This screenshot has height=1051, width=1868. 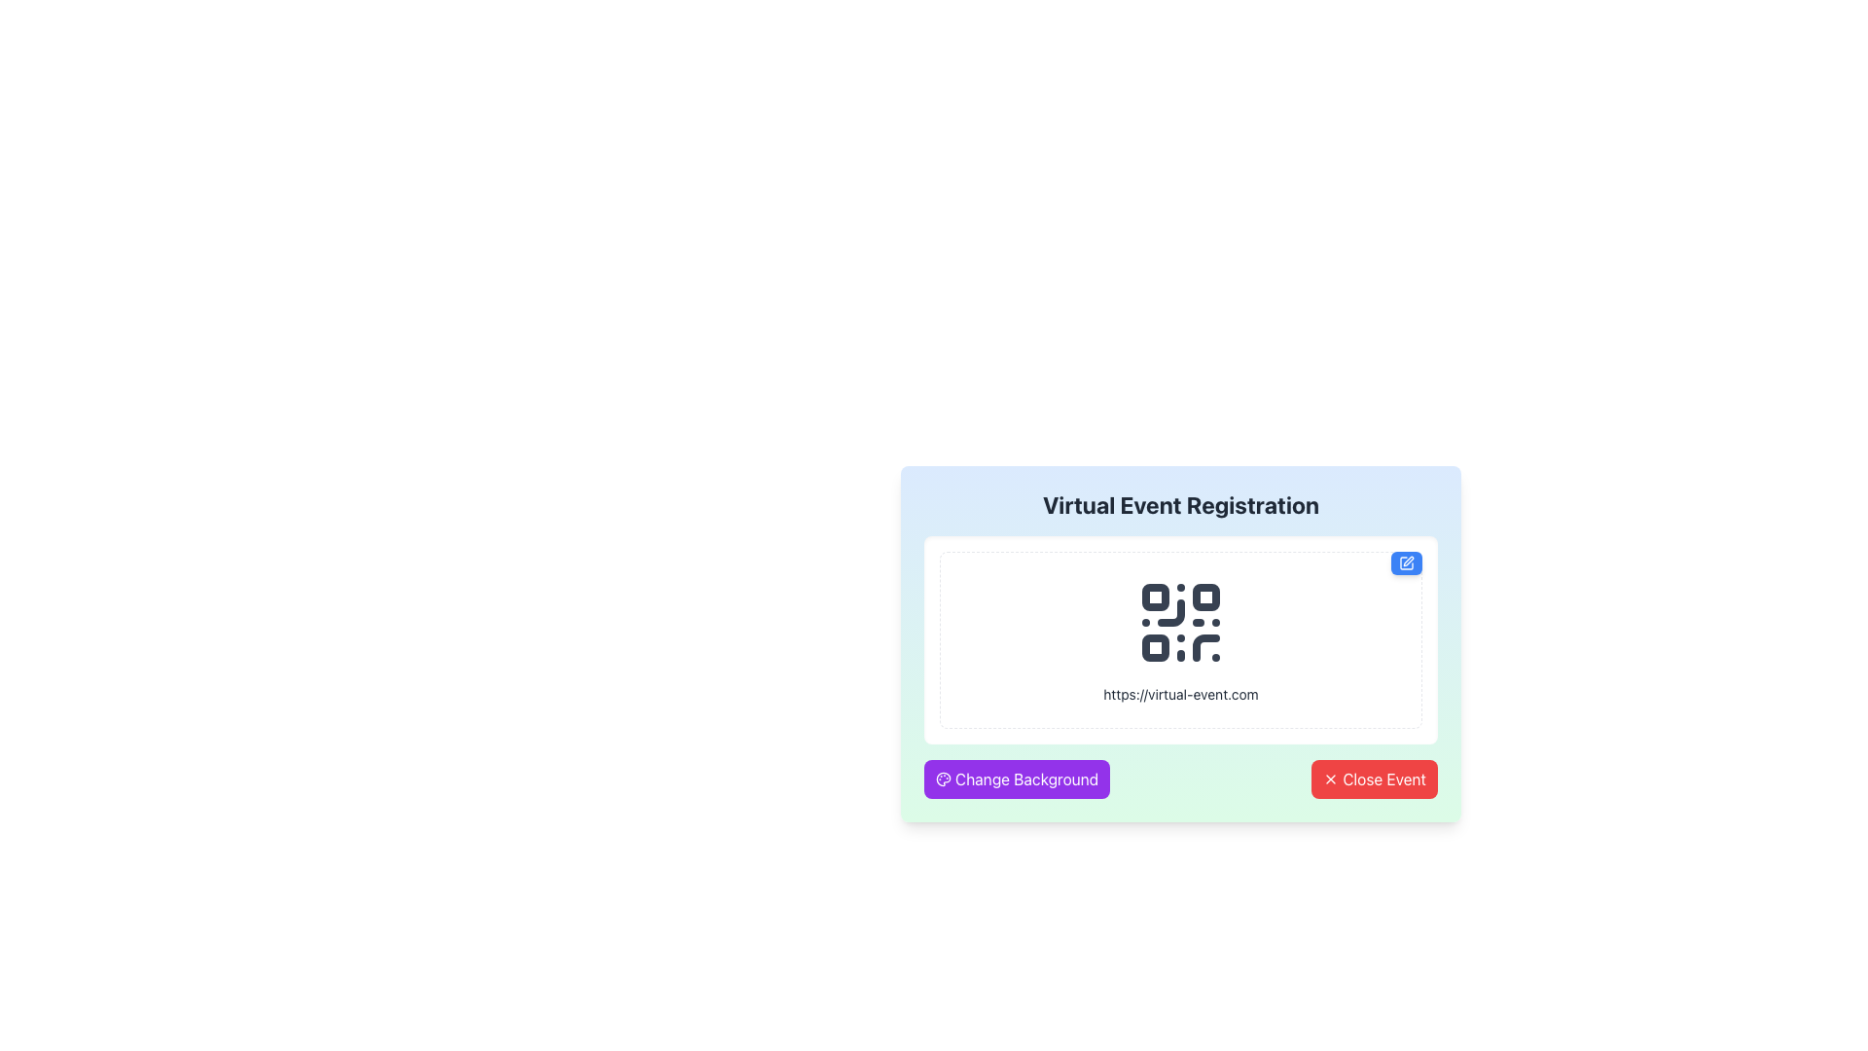 What do you see at coordinates (1156, 648) in the screenshot?
I see `the small square decorative graphical shape with rounded corners located in the bottom-left corner of the QR code within the 'Virtual Event Registration' modal box` at bounding box center [1156, 648].